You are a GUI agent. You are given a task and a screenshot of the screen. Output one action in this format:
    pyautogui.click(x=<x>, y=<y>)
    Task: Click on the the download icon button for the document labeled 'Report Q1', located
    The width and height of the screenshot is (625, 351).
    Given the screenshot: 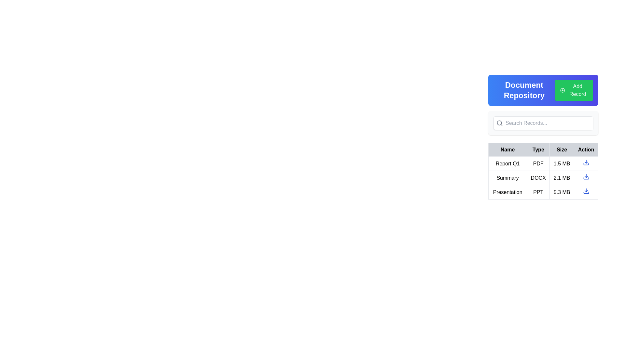 What is the action you would take?
    pyautogui.click(x=586, y=163)
    